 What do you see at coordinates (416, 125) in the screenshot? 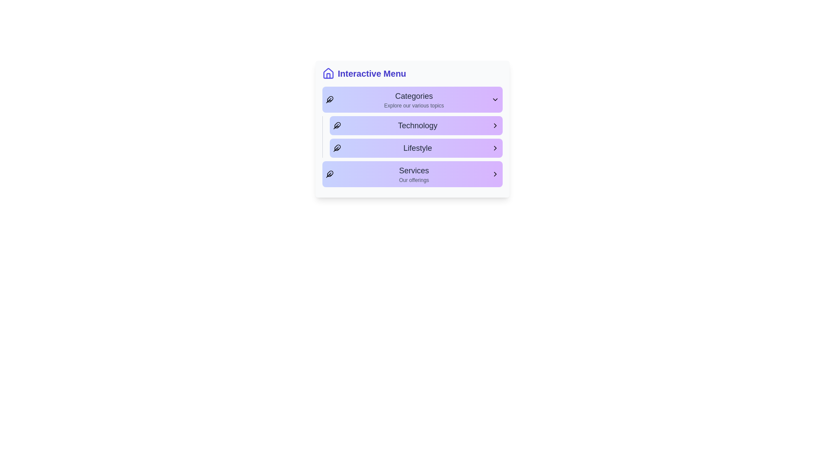
I see `the 'Technology' button located below the 'Categories' button and above the 'Lifestyle' button in the menu` at bounding box center [416, 125].